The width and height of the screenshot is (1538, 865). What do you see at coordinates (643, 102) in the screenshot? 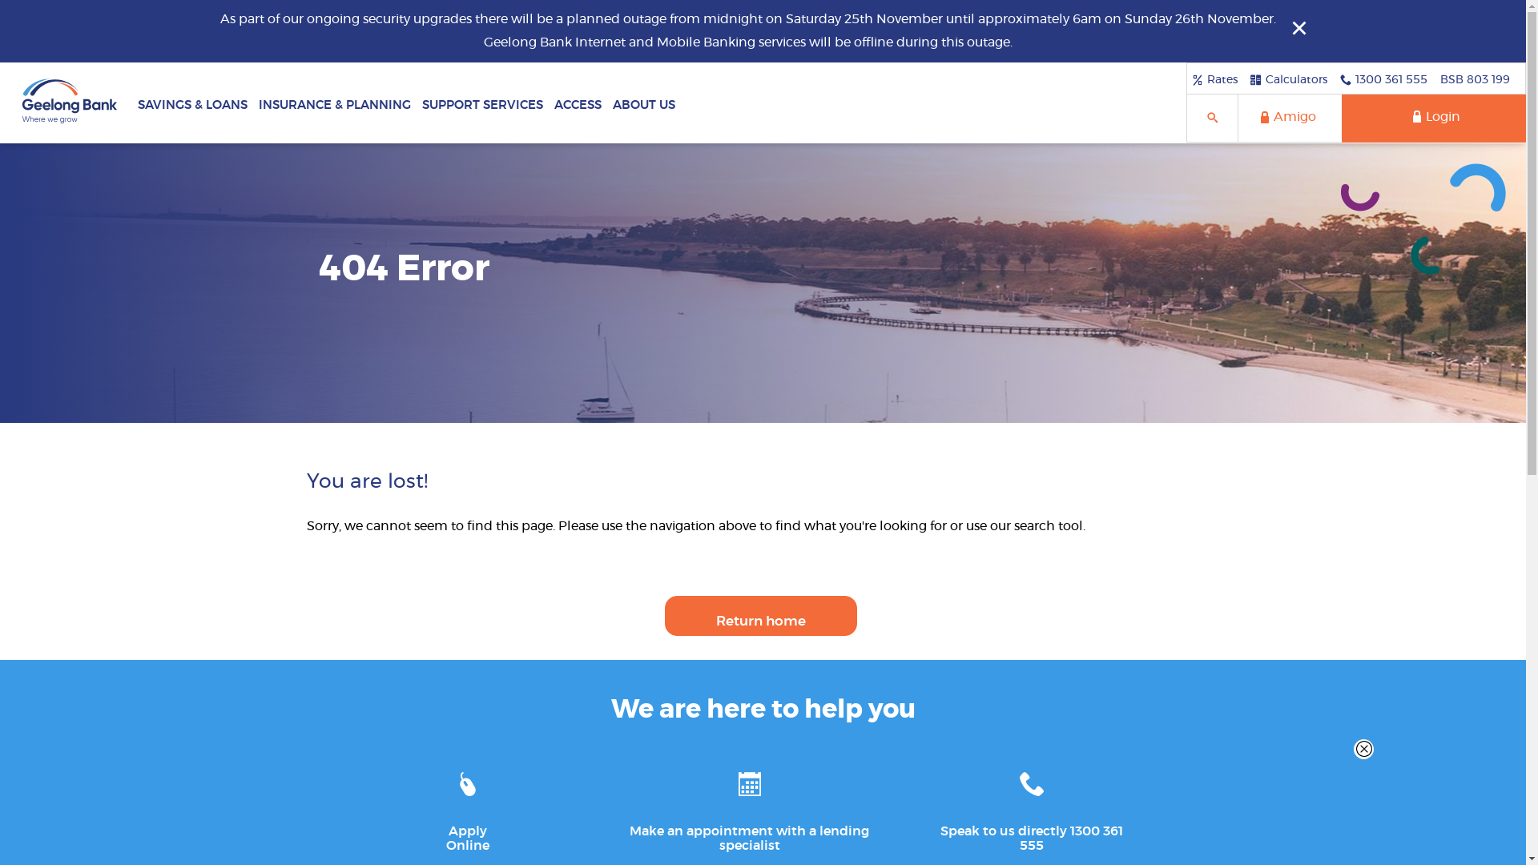
I see `'ABOUT US'` at bounding box center [643, 102].